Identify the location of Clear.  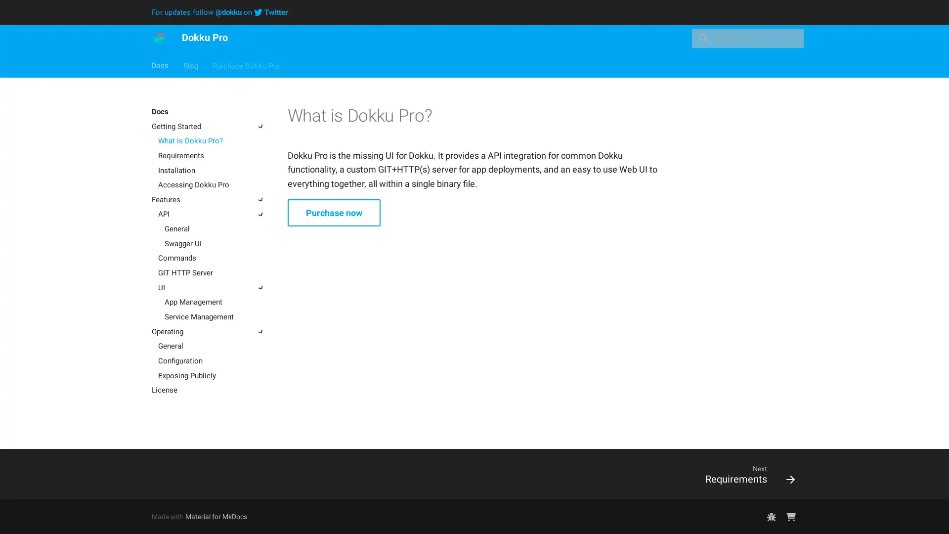
(792, 38).